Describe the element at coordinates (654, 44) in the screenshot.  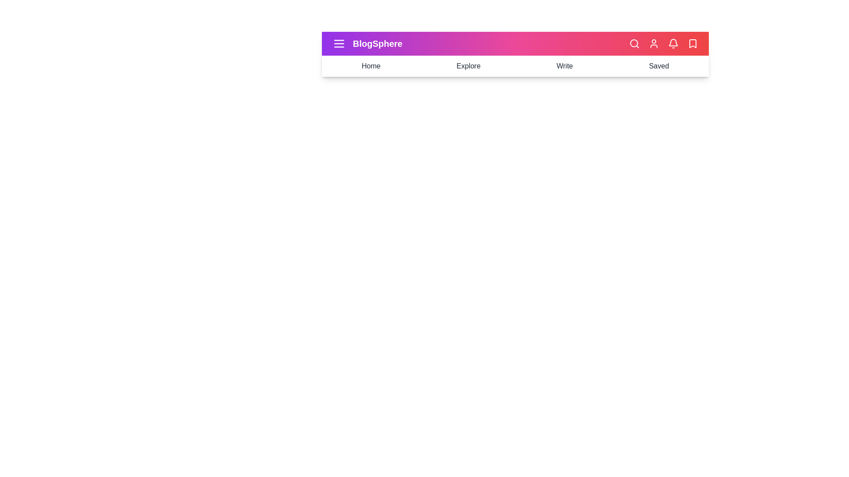
I see `the element User to preview its effect` at that location.